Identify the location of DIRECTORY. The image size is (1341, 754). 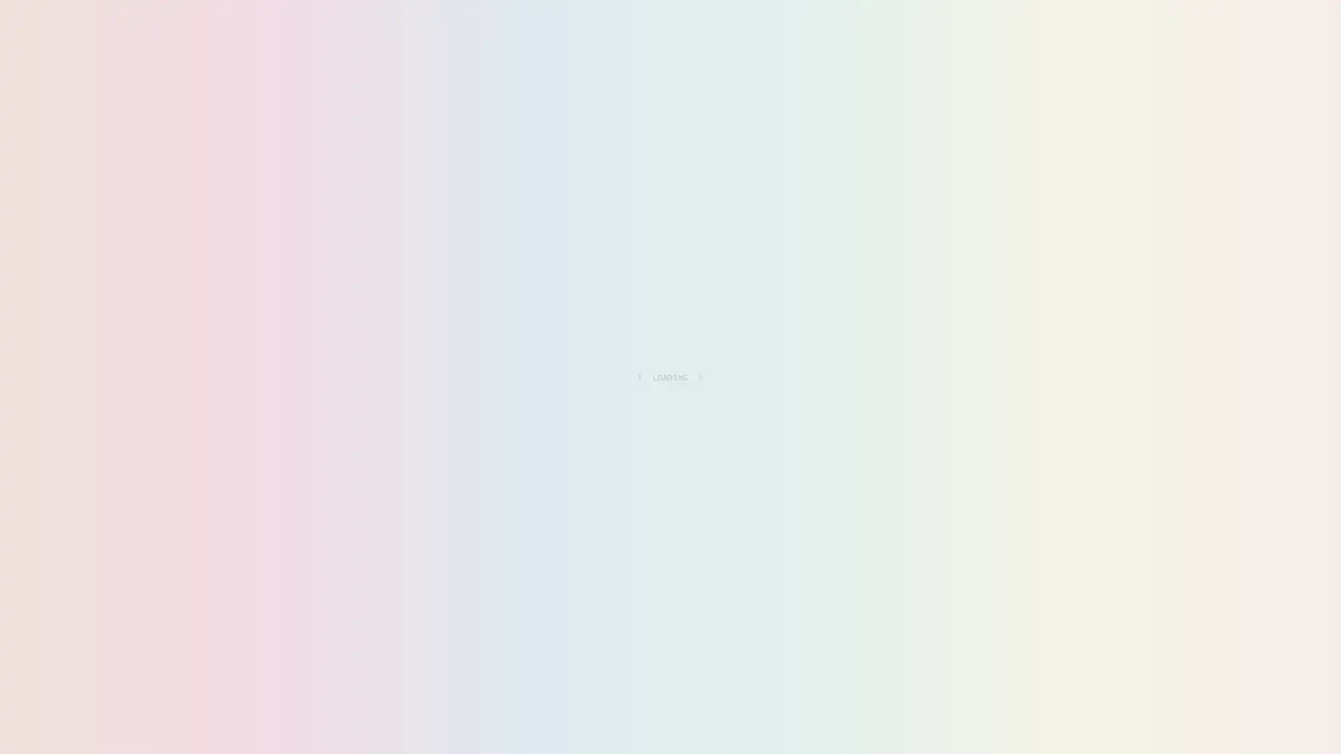
(479, 148).